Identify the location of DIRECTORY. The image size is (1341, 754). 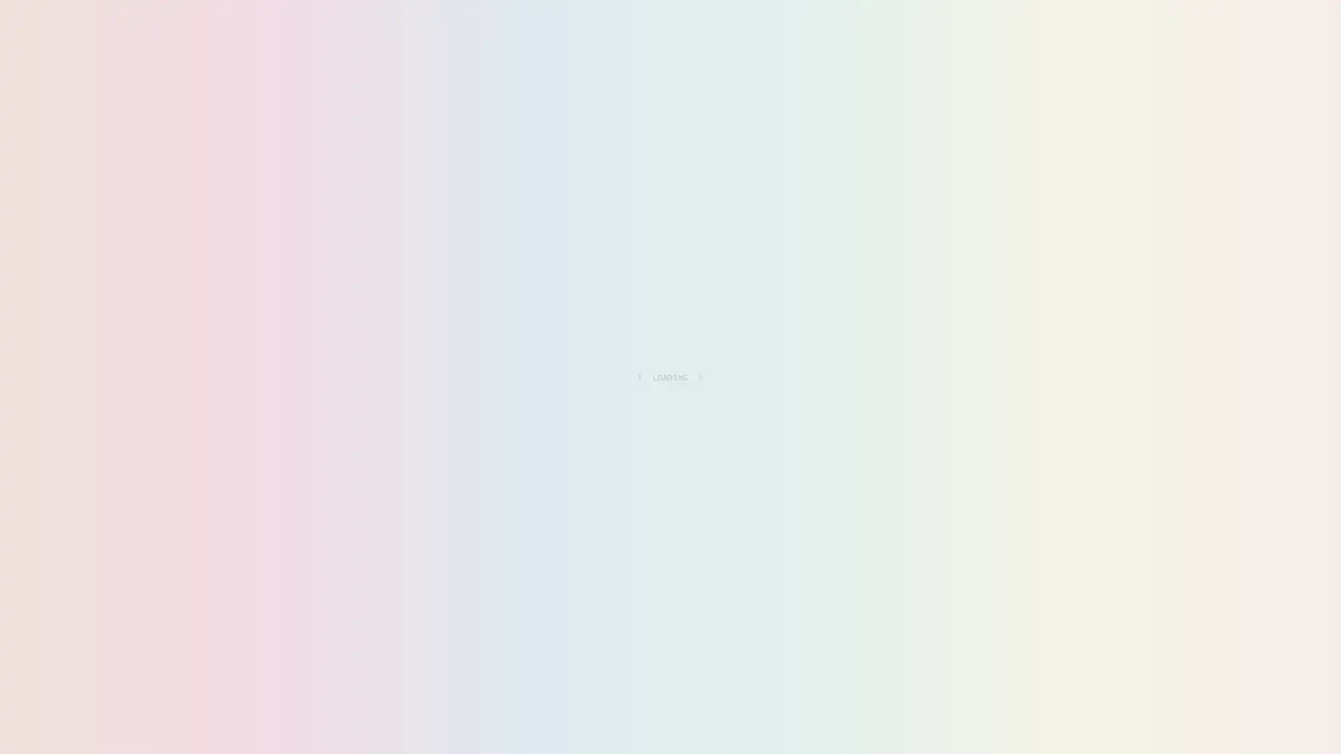
(479, 148).